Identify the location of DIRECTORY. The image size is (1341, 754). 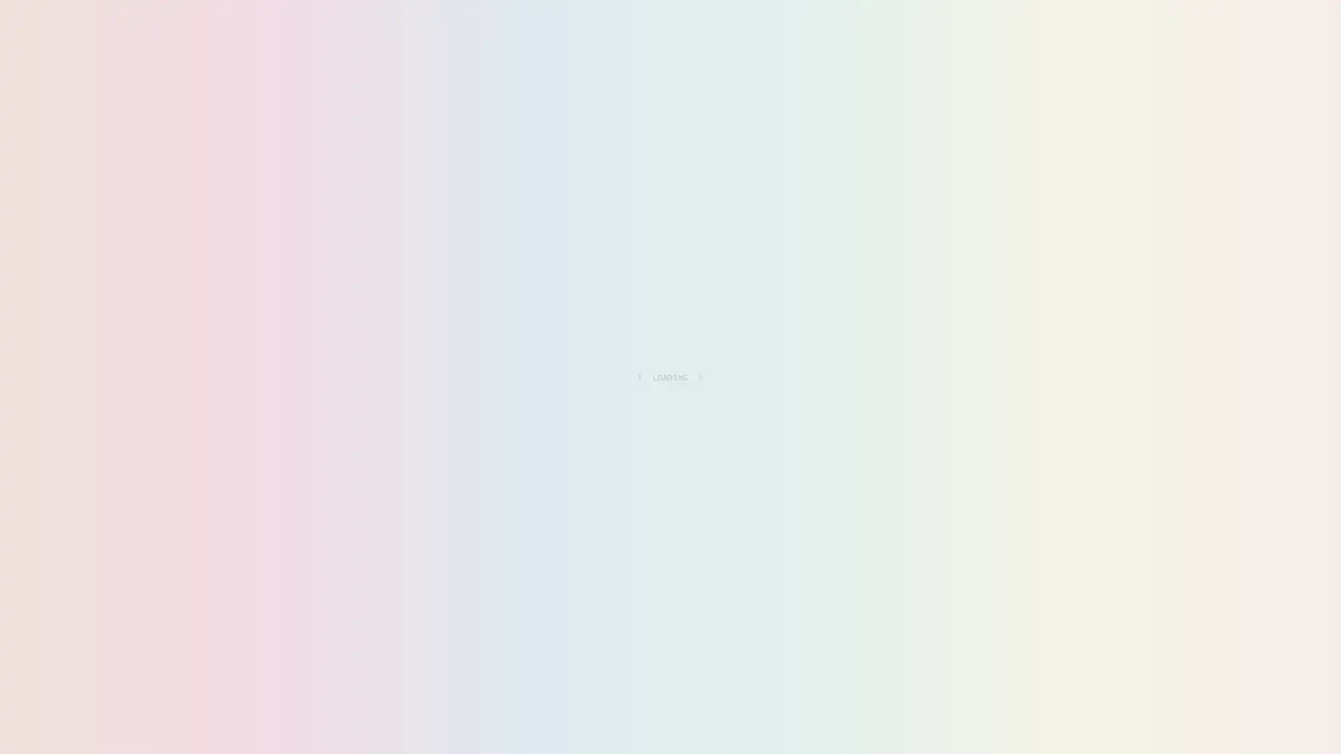
(479, 148).